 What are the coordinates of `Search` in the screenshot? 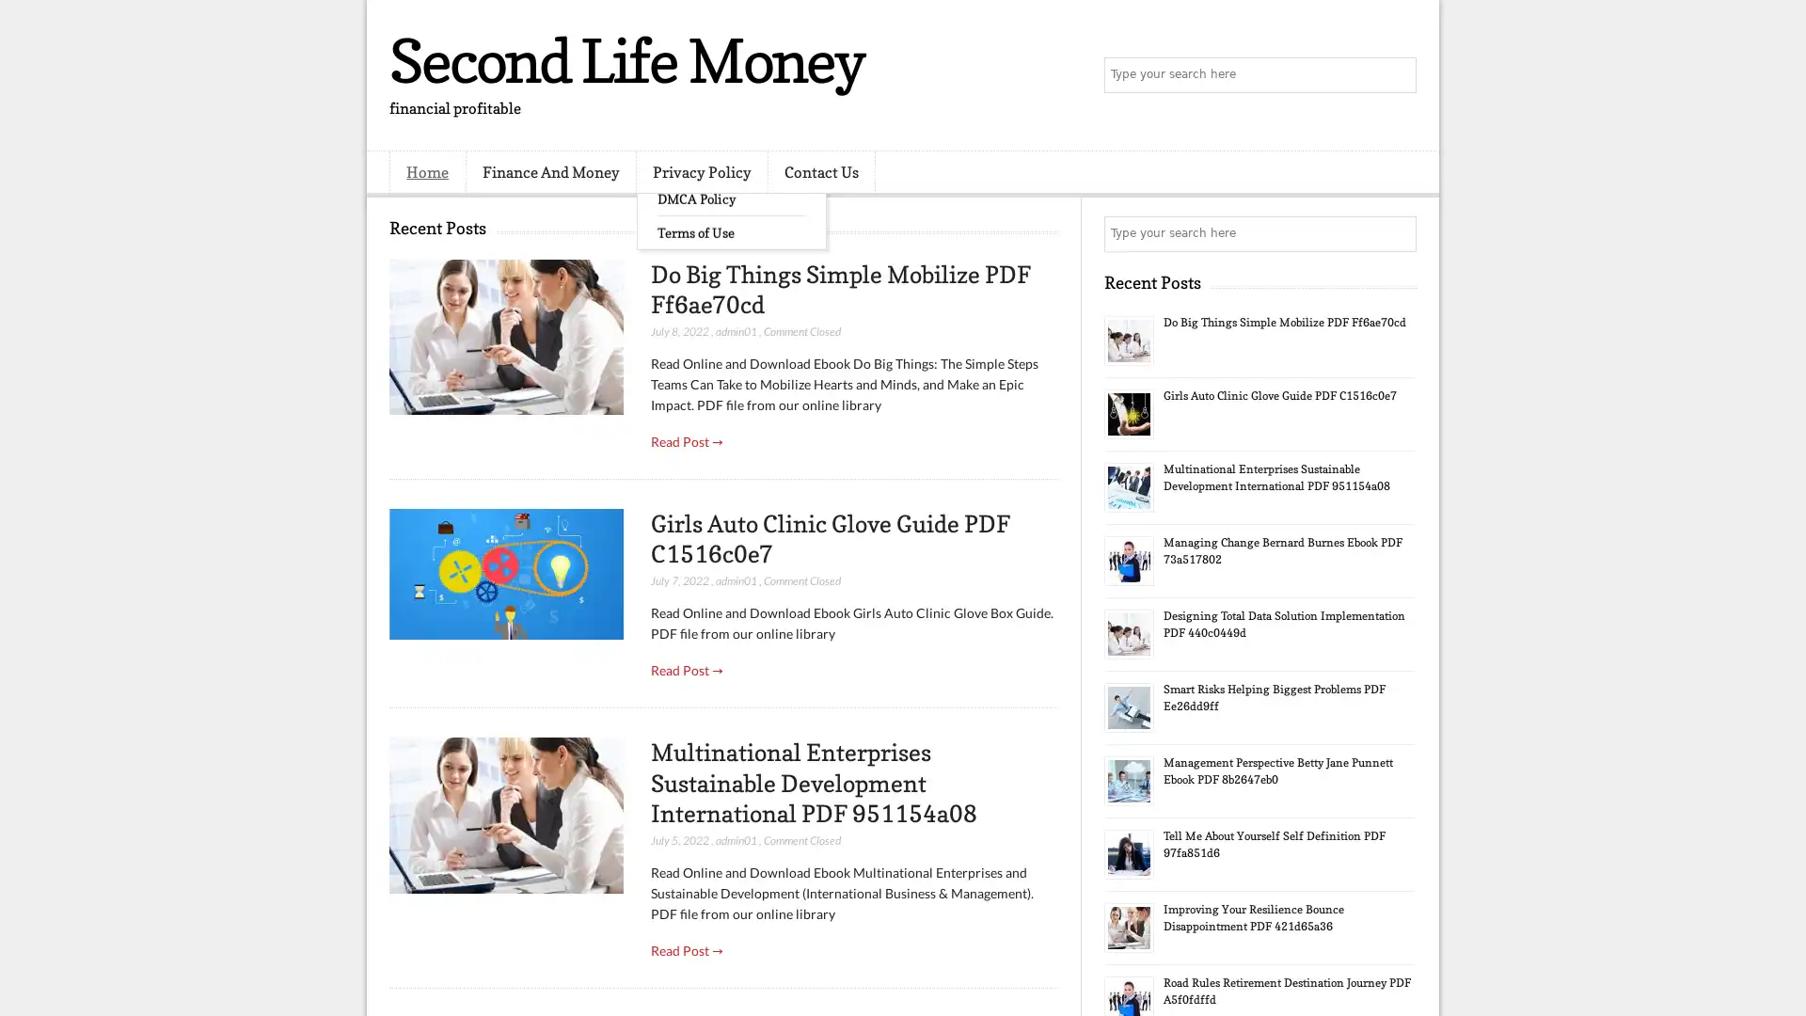 It's located at (1397, 233).